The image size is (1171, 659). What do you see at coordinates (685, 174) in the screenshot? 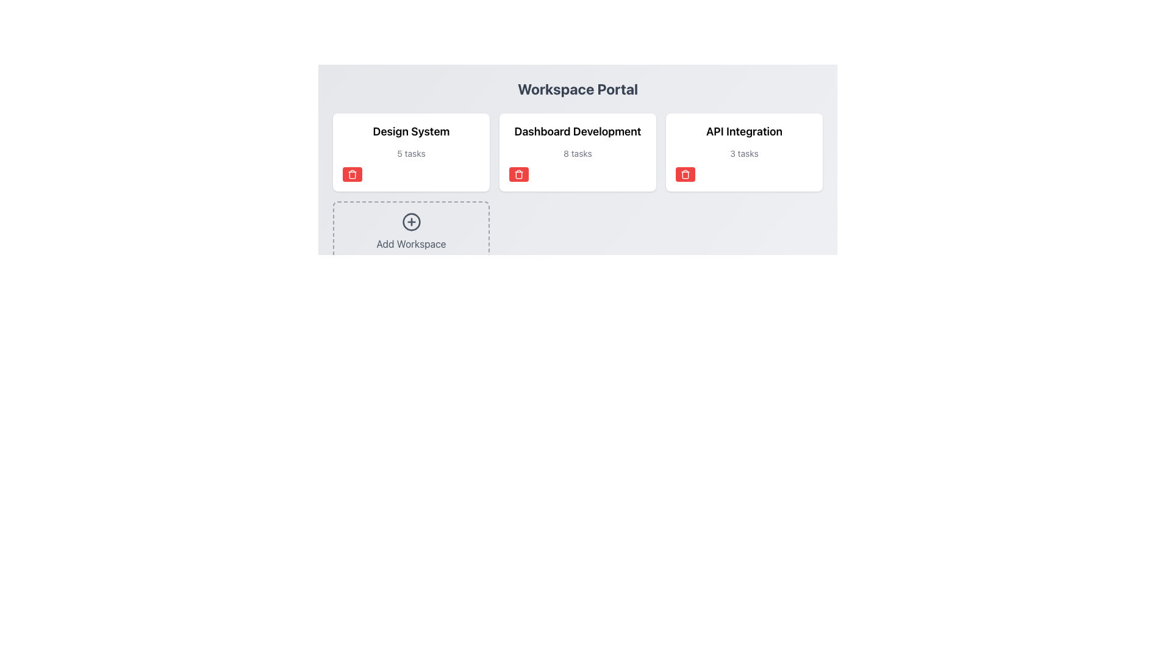
I see `the delete button located in the 'API Integration' section` at bounding box center [685, 174].